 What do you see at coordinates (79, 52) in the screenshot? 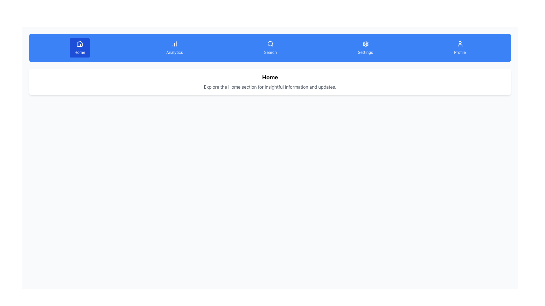
I see `text label indicating a link to the 'Home' section located below the home icon in the navigation bar` at bounding box center [79, 52].